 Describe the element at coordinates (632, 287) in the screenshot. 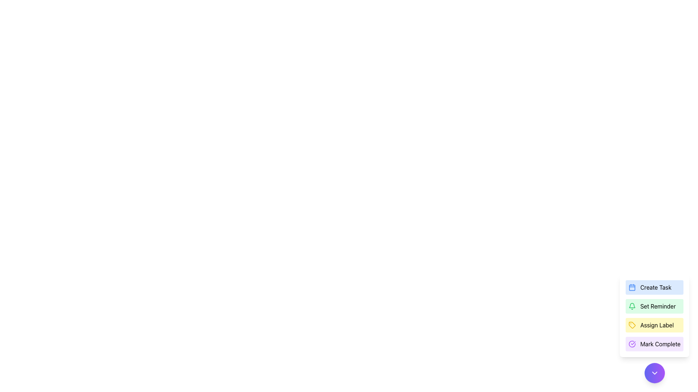

I see `the calendar icon located to the left of the 'Create Task' text` at that location.